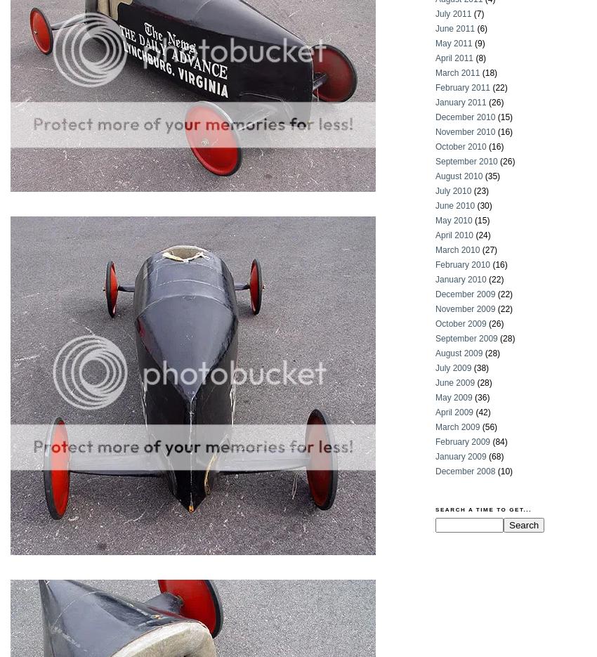 This screenshot has height=657, width=597. What do you see at coordinates (461, 145) in the screenshot?
I see `'October 2010'` at bounding box center [461, 145].